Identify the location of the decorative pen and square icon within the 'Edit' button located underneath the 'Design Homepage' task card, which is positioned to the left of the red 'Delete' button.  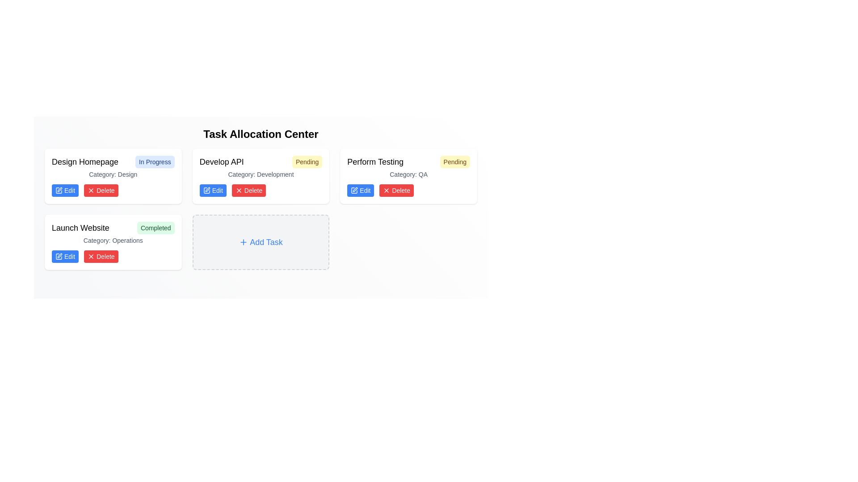
(59, 190).